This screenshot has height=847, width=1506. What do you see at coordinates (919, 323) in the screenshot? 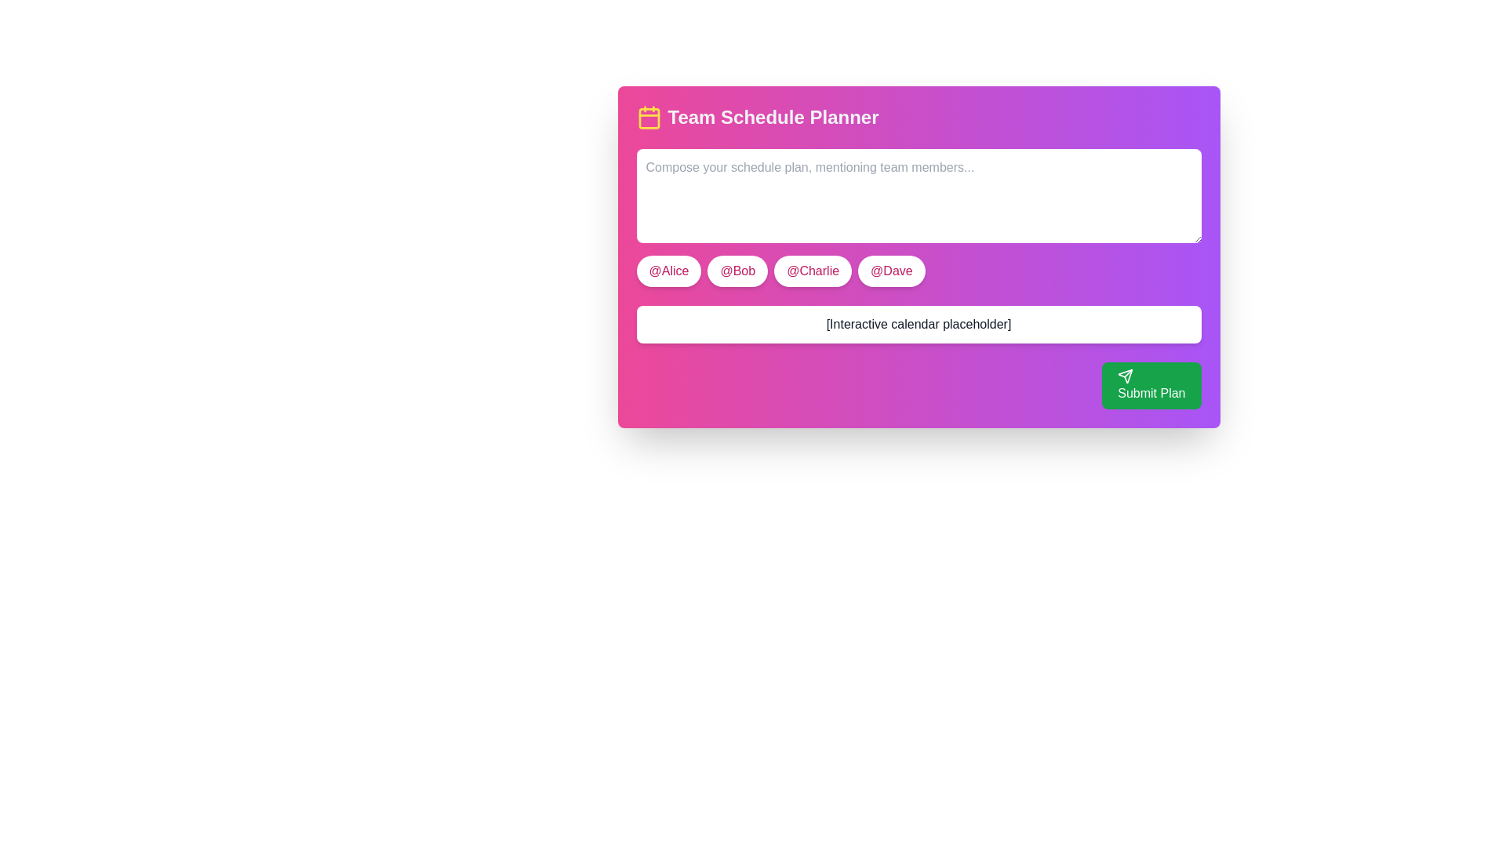
I see `the text placeholder within the interactive calendar component` at bounding box center [919, 323].